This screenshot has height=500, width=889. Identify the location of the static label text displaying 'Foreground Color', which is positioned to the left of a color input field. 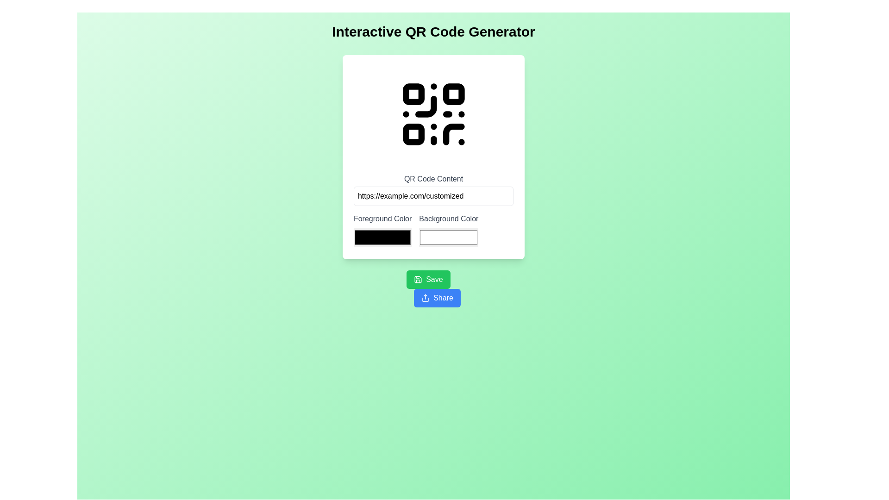
(382, 219).